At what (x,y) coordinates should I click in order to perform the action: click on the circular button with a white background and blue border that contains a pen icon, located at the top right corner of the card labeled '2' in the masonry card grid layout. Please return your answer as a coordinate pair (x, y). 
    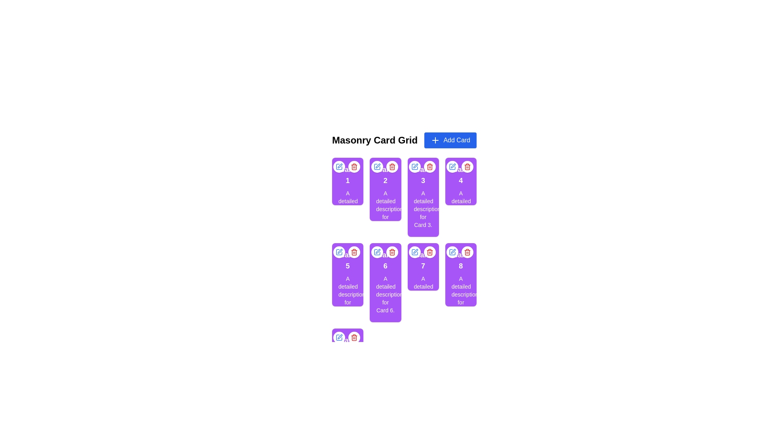
    Looking at the image, I should click on (376, 166).